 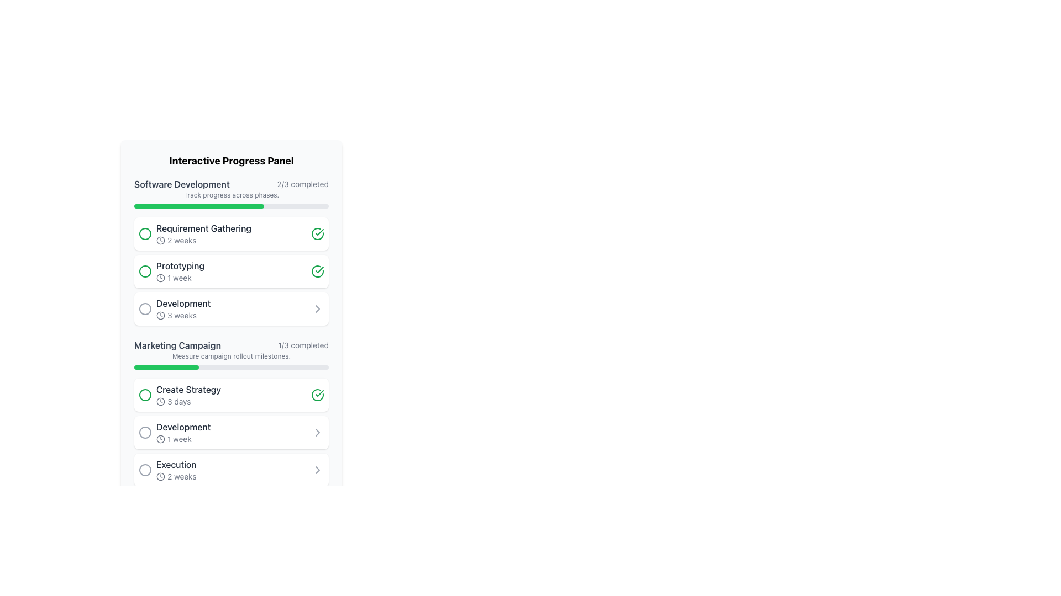 What do you see at coordinates (145, 470) in the screenshot?
I see `the circular icon representing the task state for 'Execution 2 weeks' to change its state` at bounding box center [145, 470].